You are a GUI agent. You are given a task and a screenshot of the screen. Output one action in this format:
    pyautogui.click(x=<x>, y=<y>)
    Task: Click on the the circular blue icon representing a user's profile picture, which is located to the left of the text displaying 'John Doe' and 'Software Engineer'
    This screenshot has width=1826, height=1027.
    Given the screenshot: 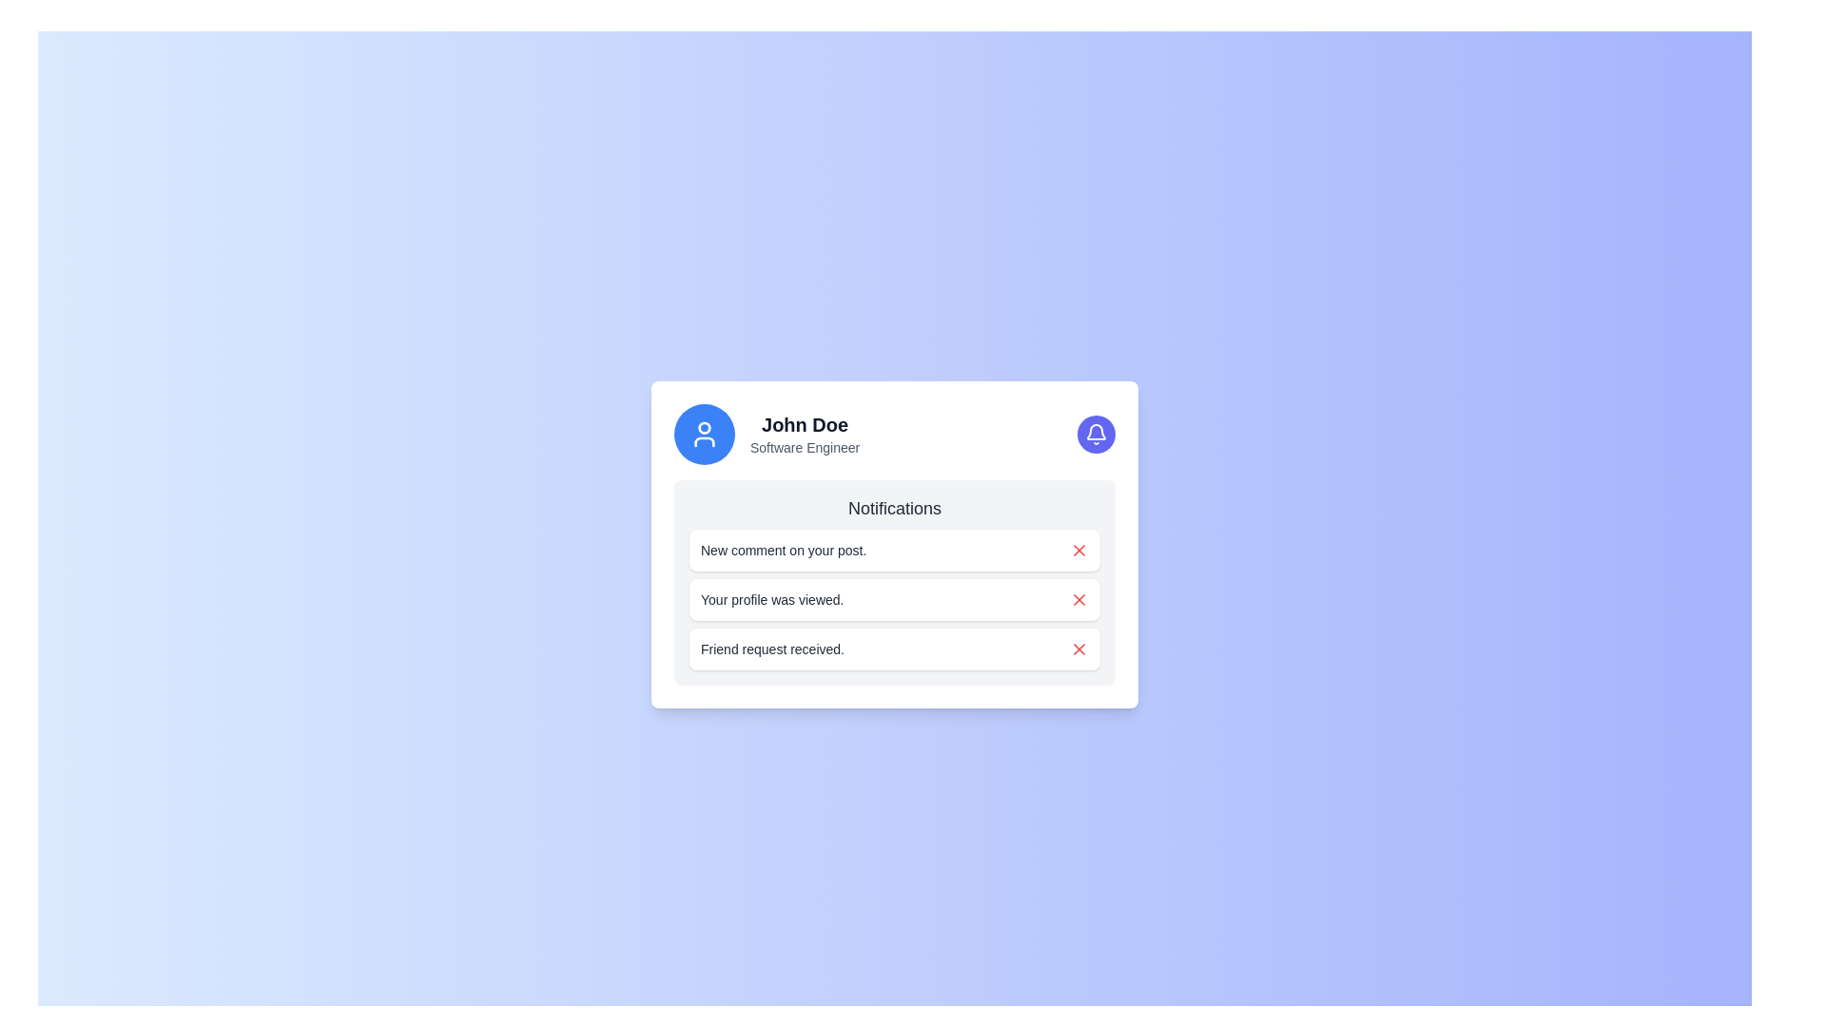 What is the action you would take?
    pyautogui.click(x=703, y=434)
    